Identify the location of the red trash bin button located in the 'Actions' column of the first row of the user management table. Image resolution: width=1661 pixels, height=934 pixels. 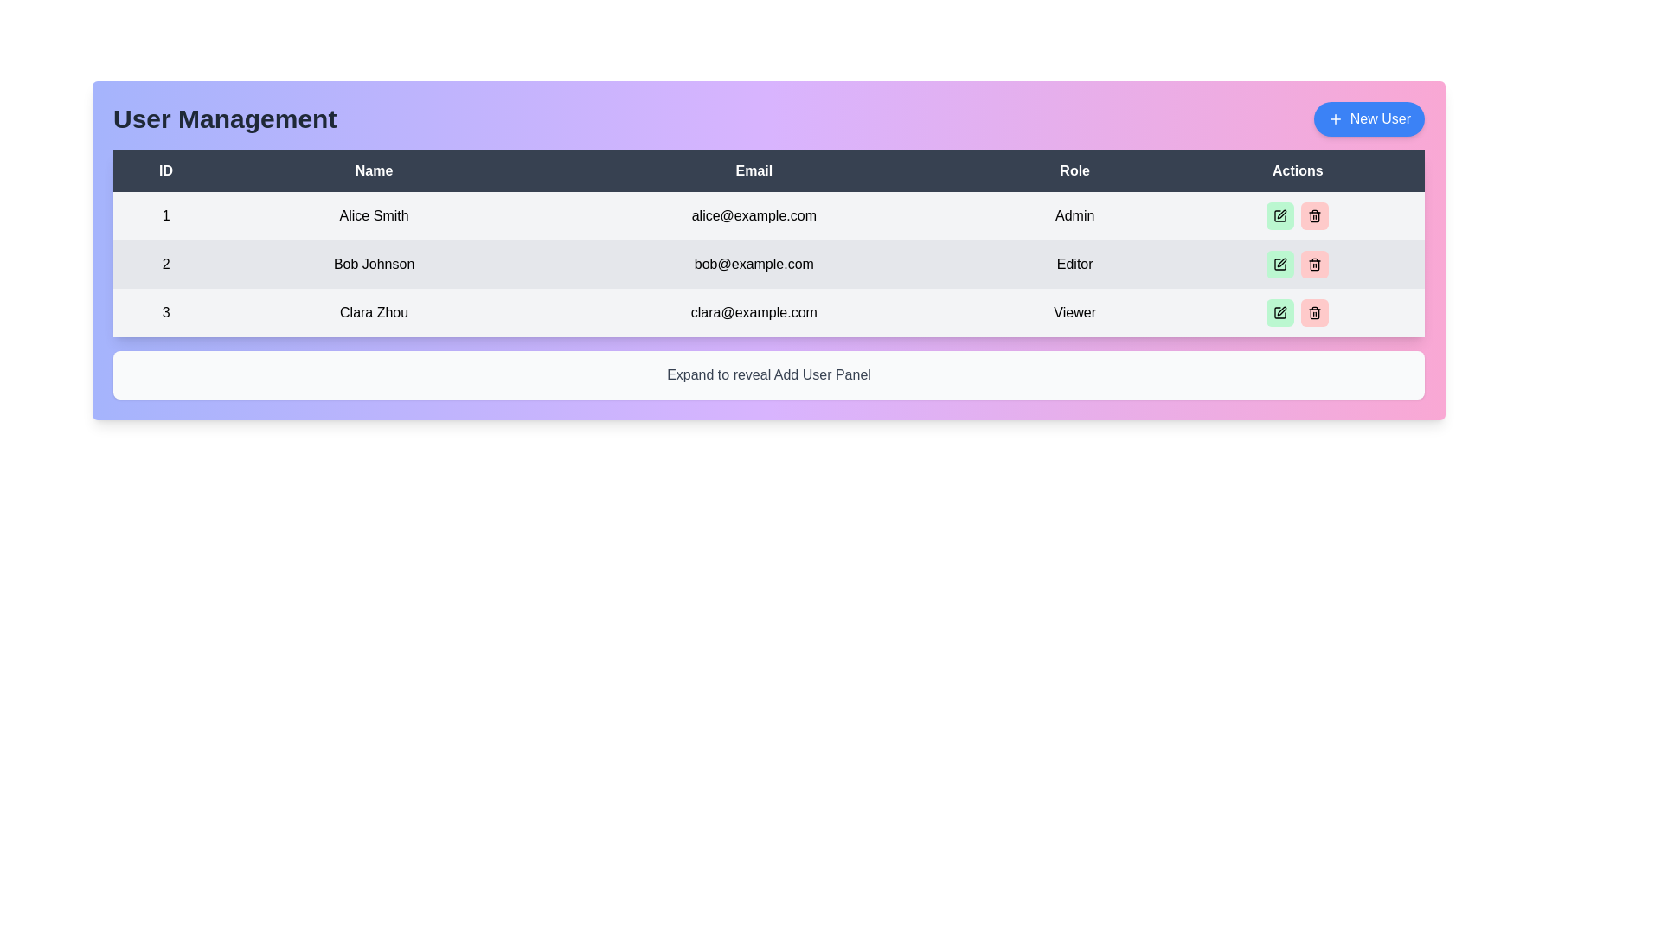
(1315, 215).